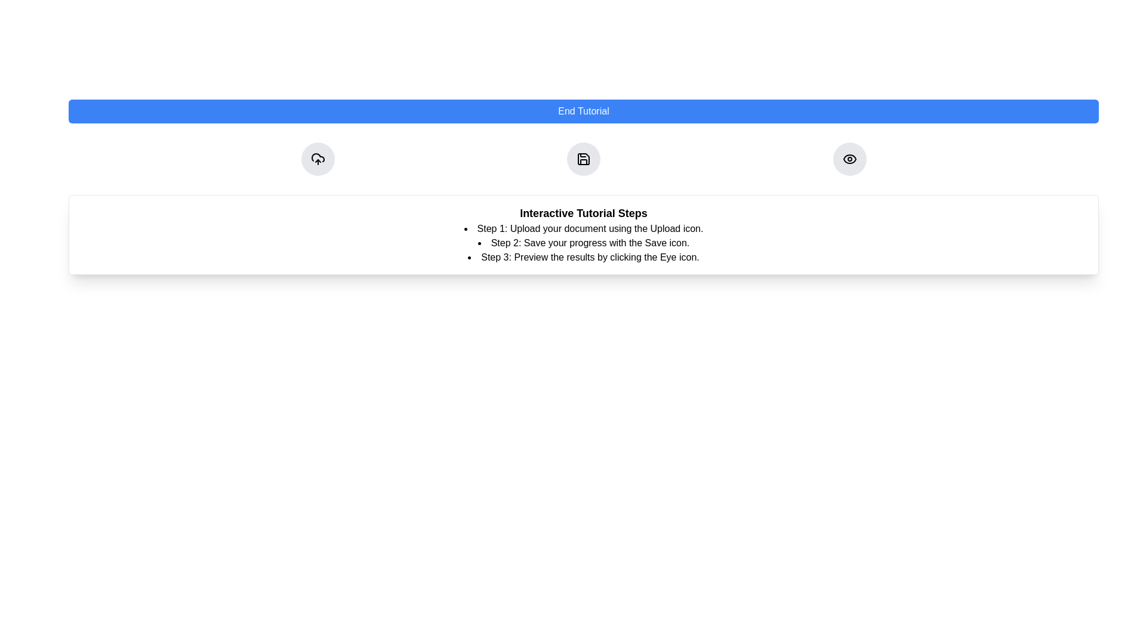 This screenshot has width=1146, height=644. What do you see at coordinates (318, 158) in the screenshot?
I see `the first upload button located in the middle section of the layout to observe the hover effect` at bounding box center [318, 158].